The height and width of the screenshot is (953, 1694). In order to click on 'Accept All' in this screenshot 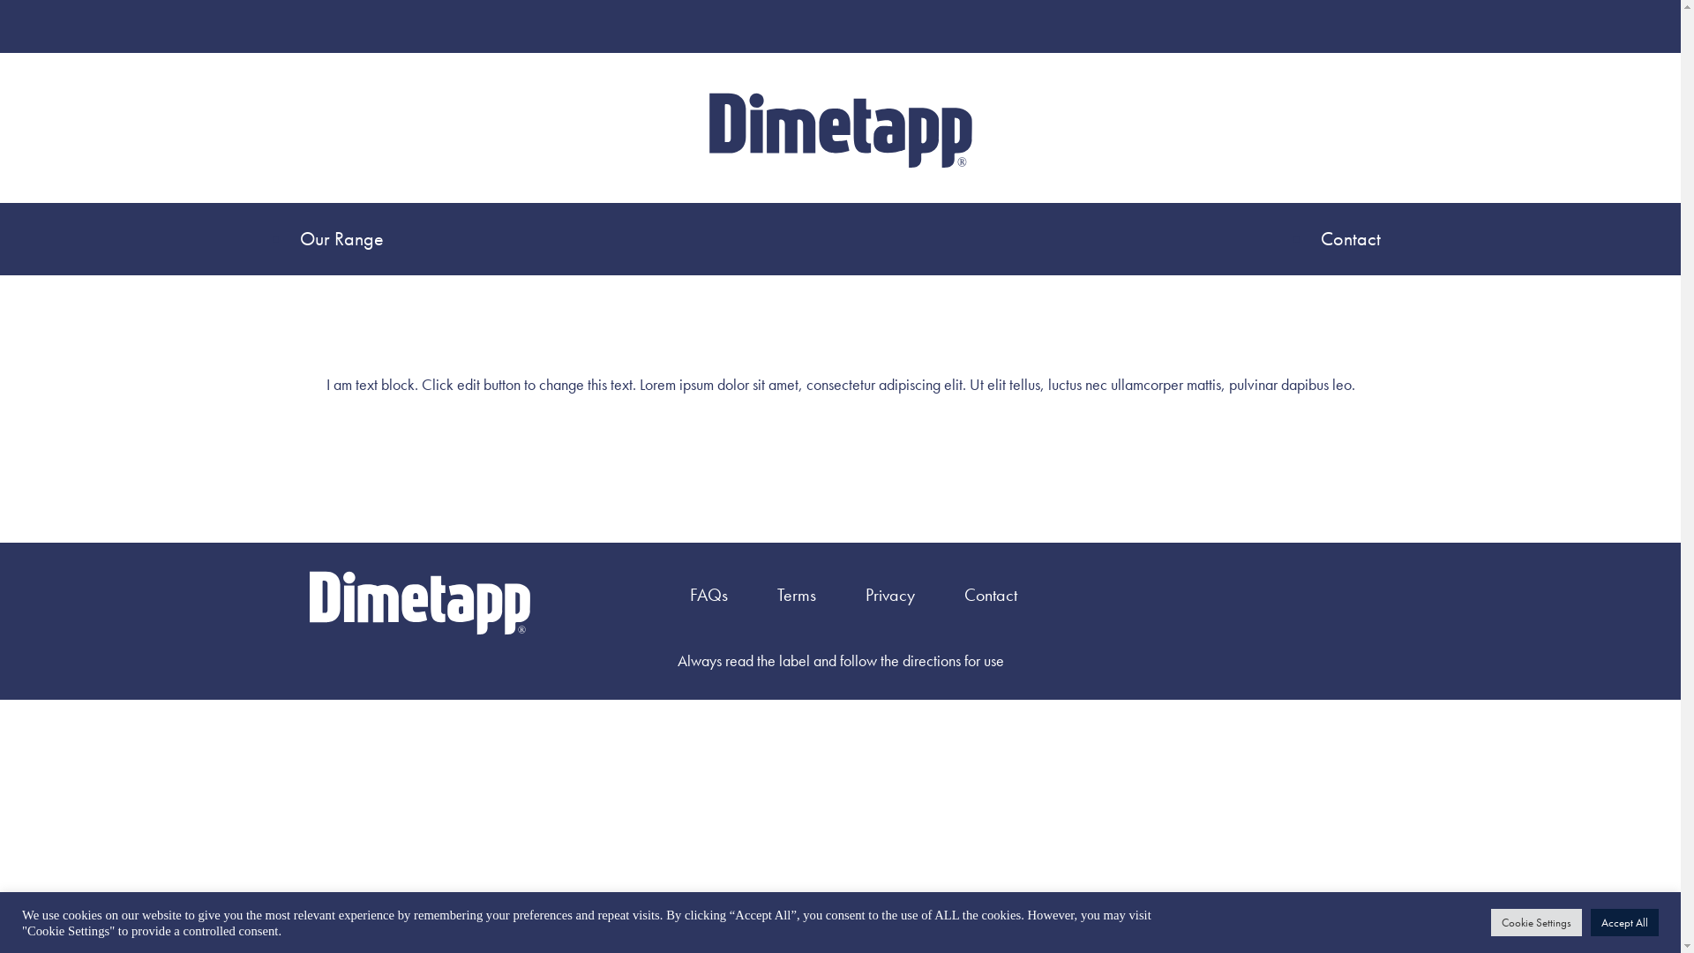, I will do `click(1623, 921)`.